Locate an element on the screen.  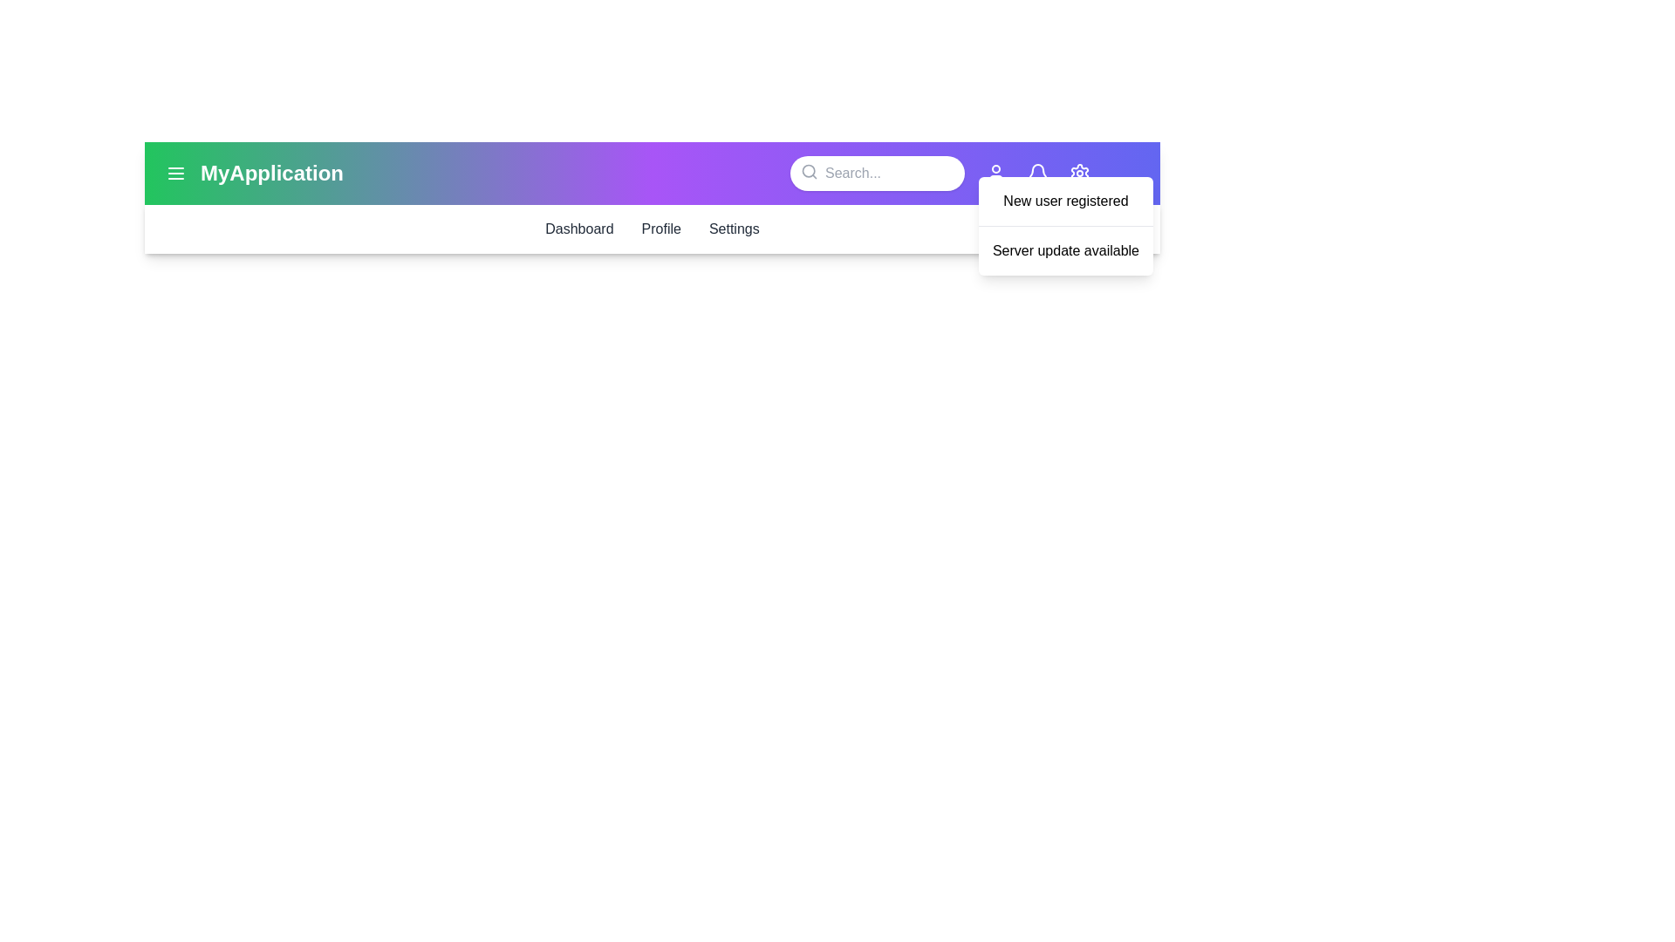
the menu item Settings to navigate to the corresponding section is located at coordinates (733, 228).